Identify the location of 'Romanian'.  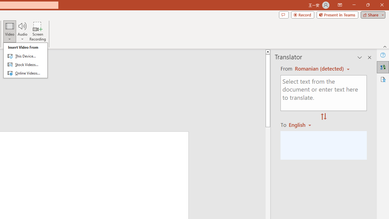
(302, 124).